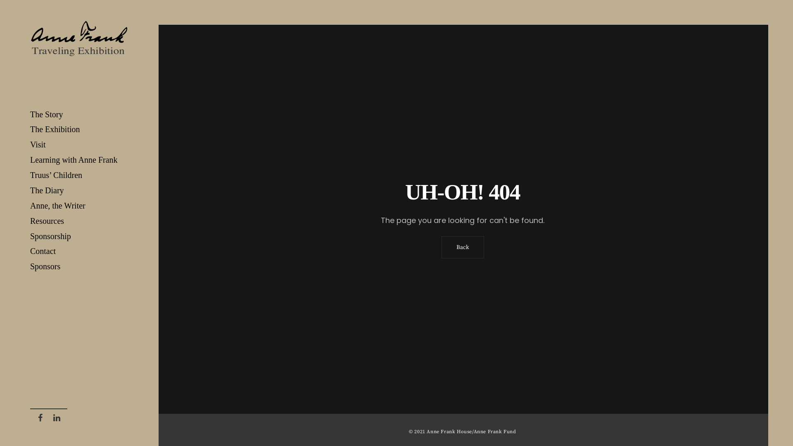 The height and width of the screenshot is (446, 793). Describe the element at coordinates (79, 114) in the screenshot. I see `'The Story'` at that location.